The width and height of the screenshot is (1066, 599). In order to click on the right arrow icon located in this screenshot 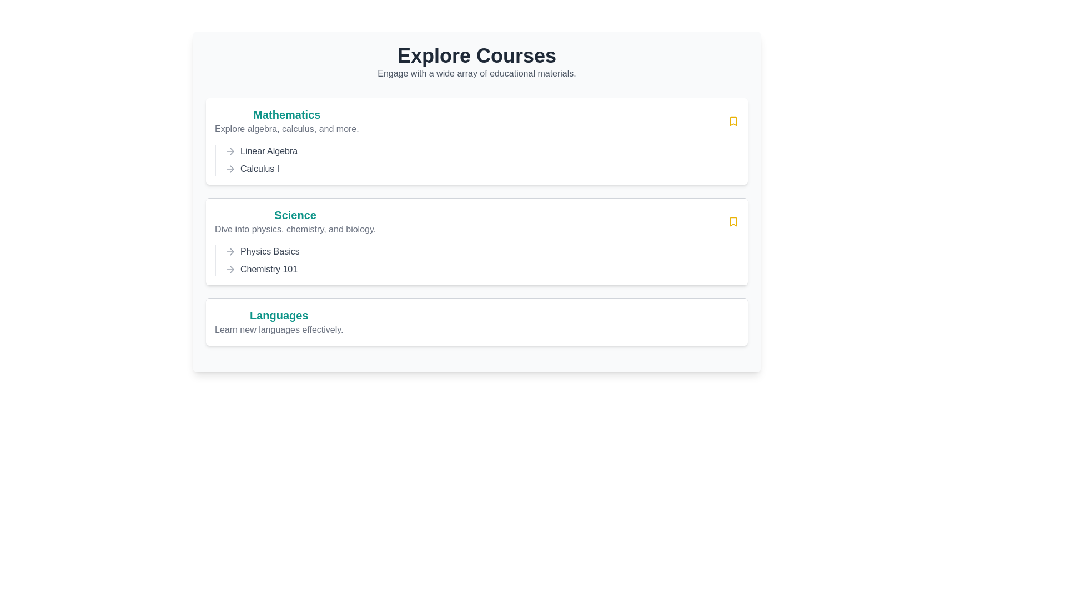, I will do `click(229, 151)`.